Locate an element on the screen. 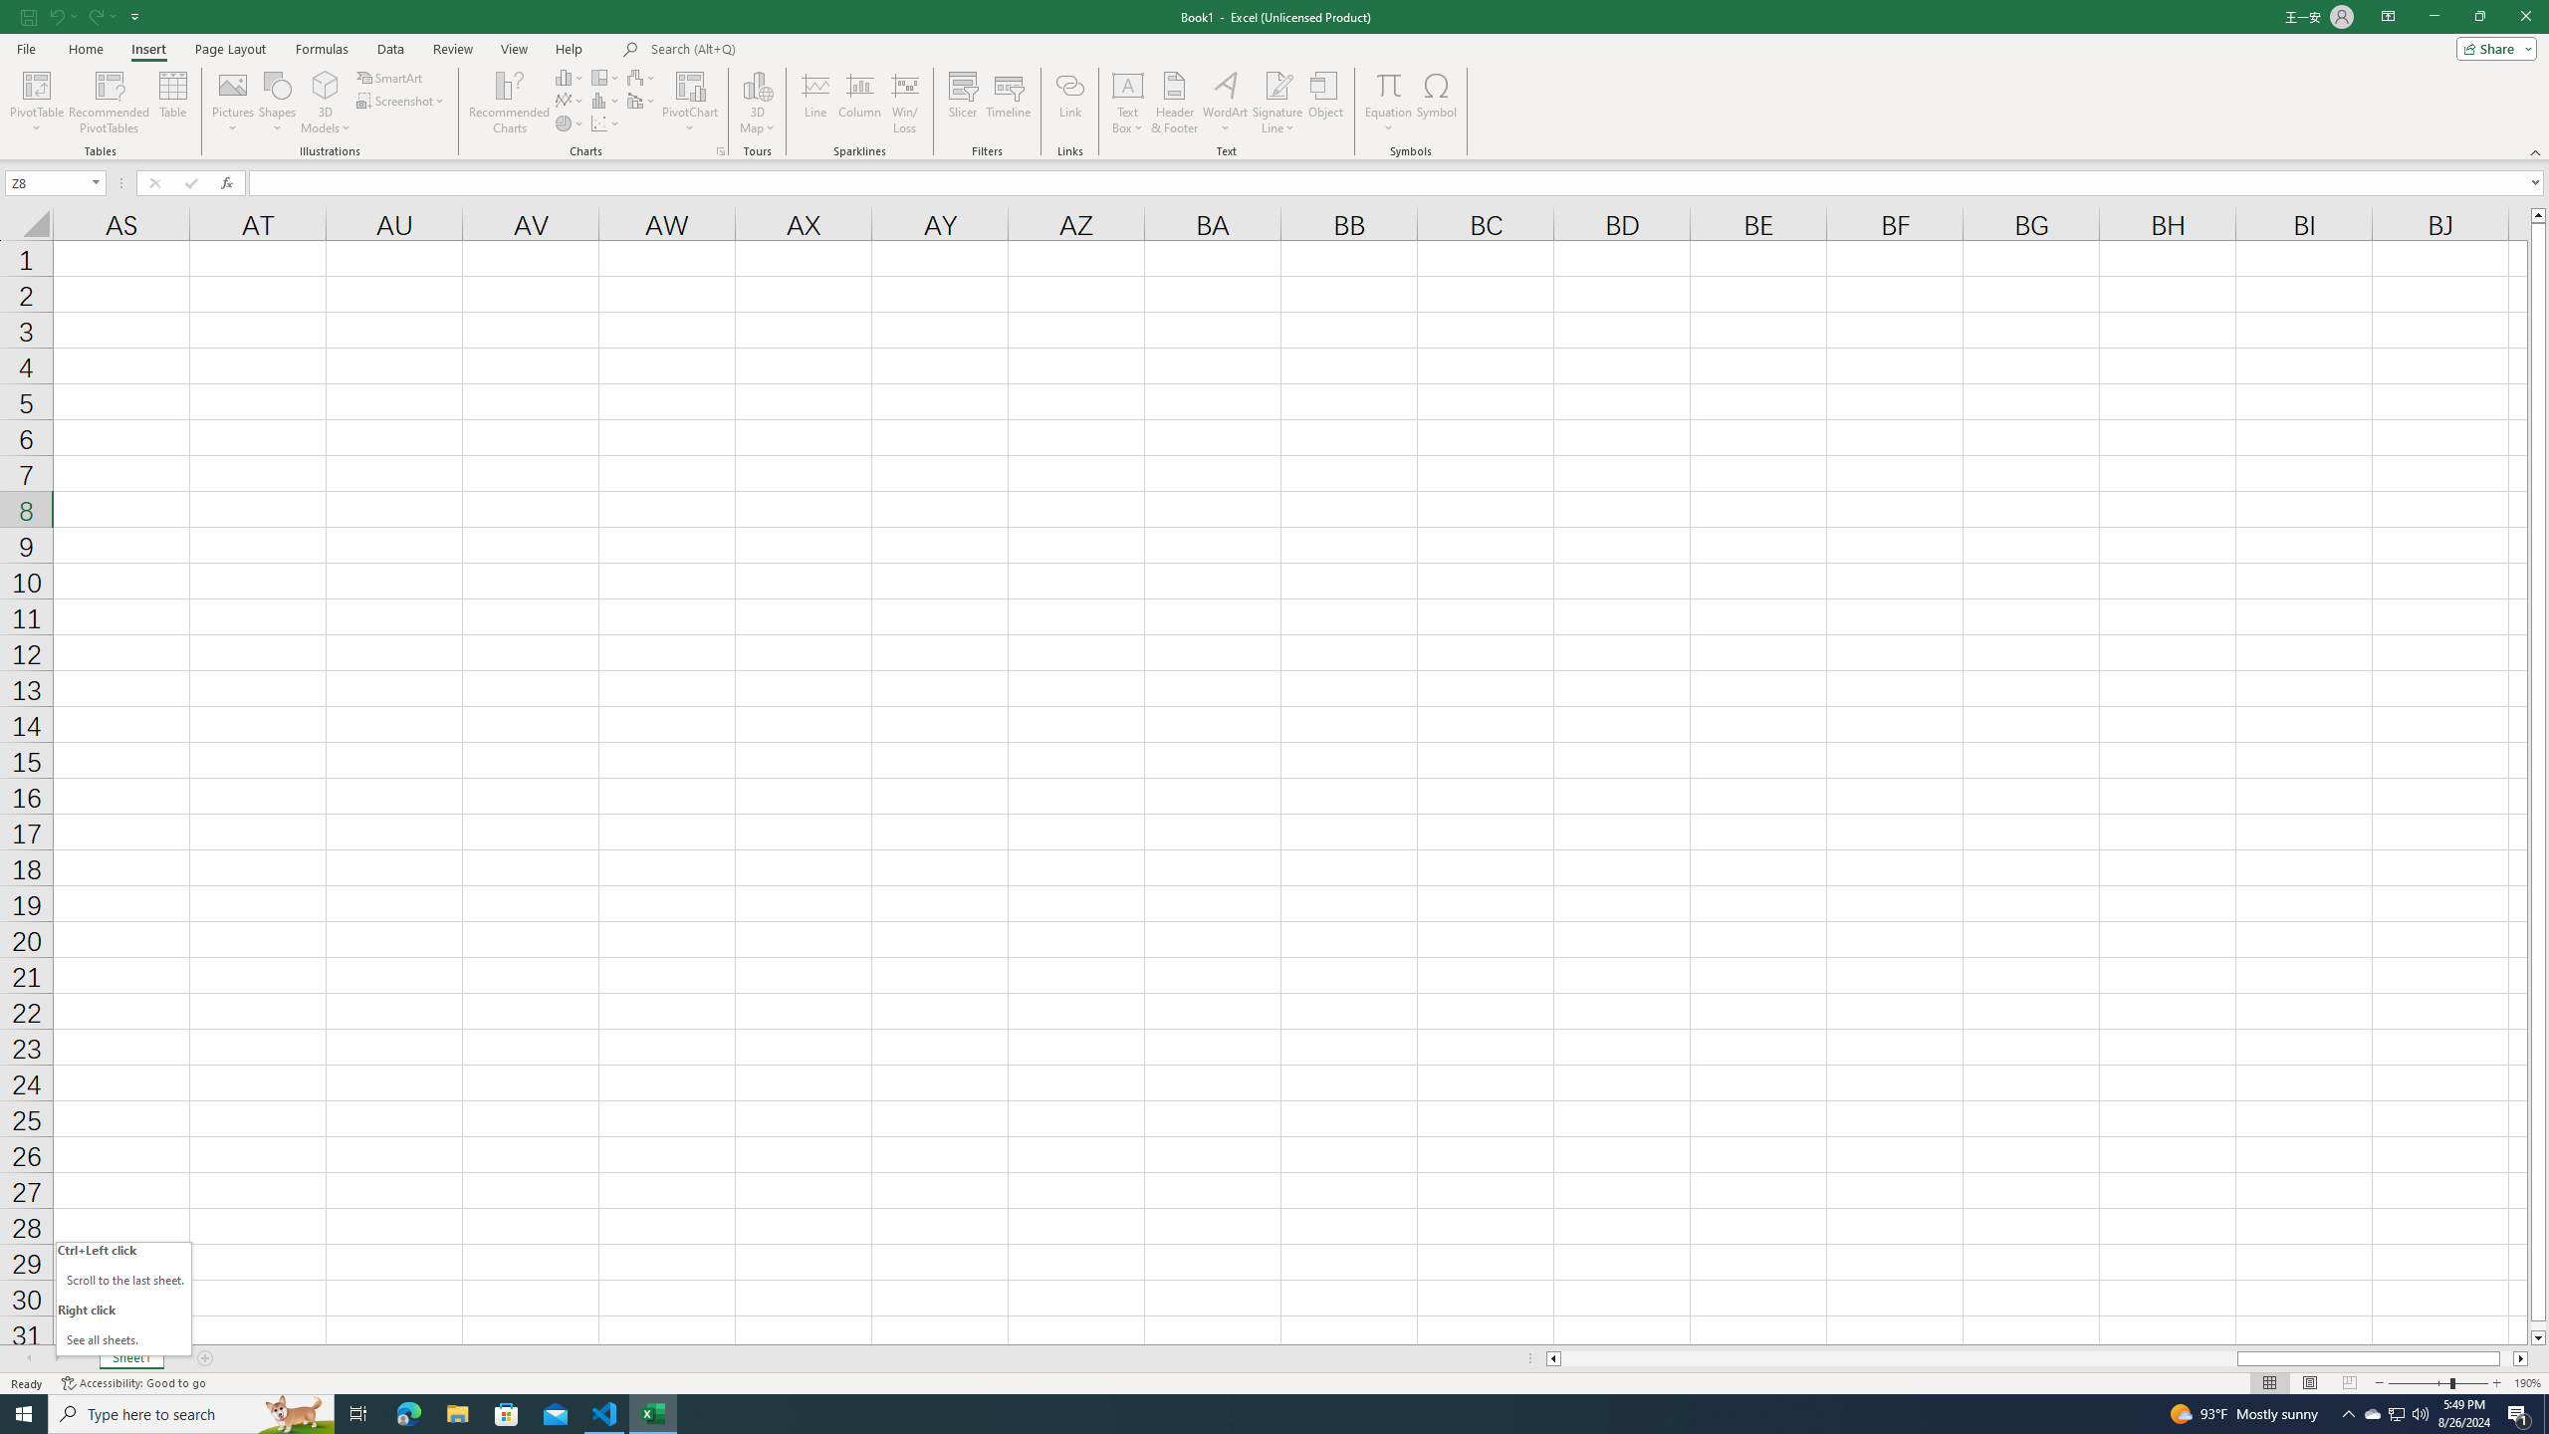 This screenshot has width=2549, height=1434. 'Formulas' is located at coordinates (324, 49).